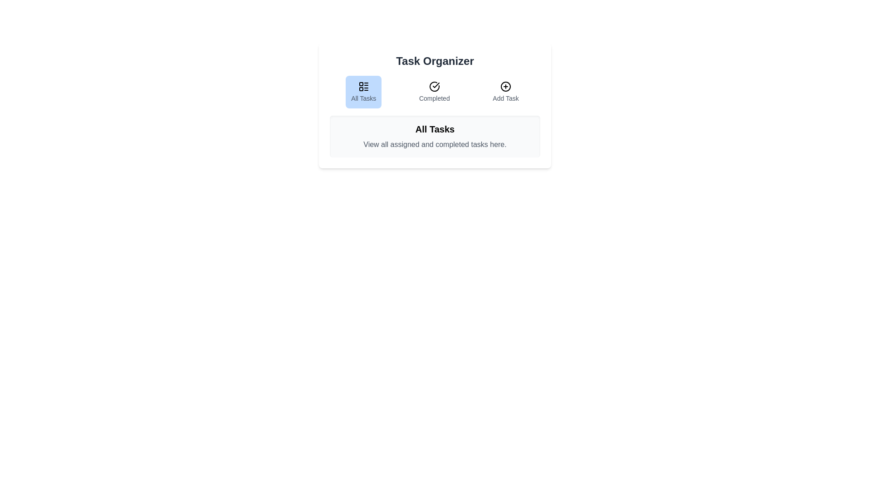 This screenshot has width=871, height=490. What do you see at coordinates (505, 92) in the screenshot?
I see `the Add Task tab to switch to its content` at bounding box center [505, 92].